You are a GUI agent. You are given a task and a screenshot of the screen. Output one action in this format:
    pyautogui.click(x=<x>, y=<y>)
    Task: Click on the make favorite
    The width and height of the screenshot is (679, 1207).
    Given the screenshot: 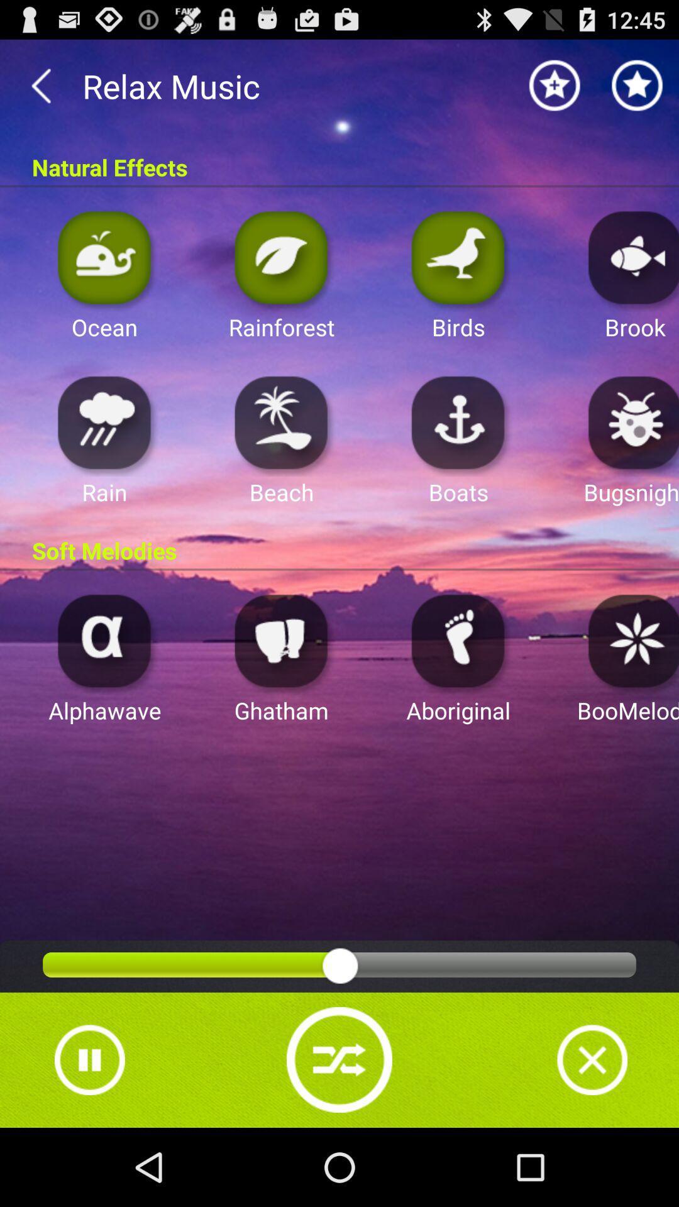 What is the action you would take?
    pyautogui.click(x=638, y=85)
    